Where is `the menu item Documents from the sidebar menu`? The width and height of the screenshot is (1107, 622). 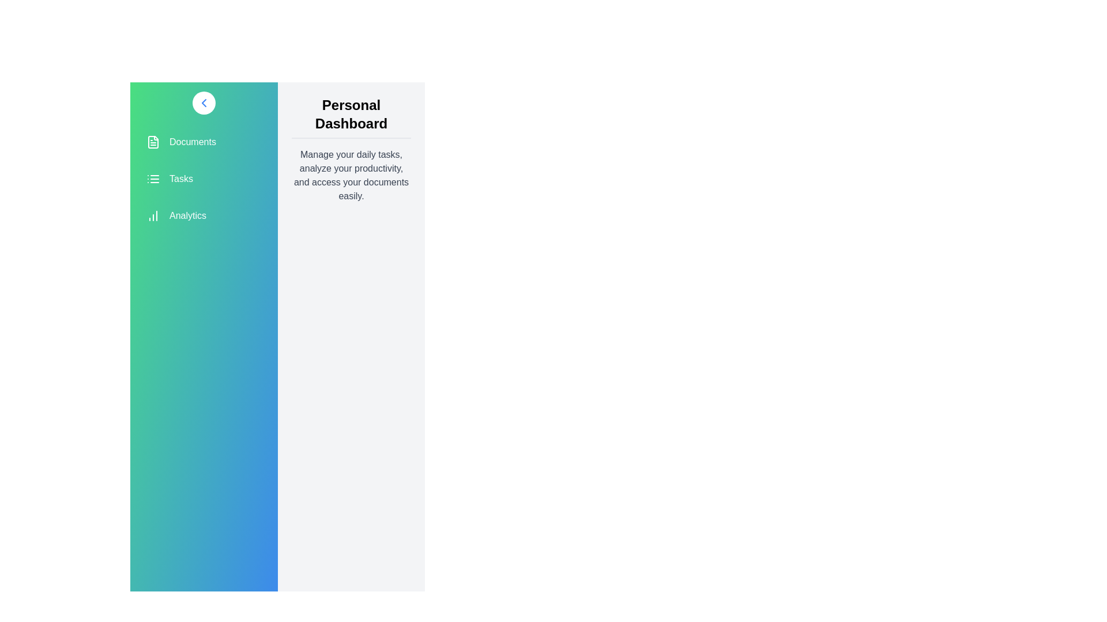
the menu item Documents from the sidebar menu is located at coordinates (204, 141).